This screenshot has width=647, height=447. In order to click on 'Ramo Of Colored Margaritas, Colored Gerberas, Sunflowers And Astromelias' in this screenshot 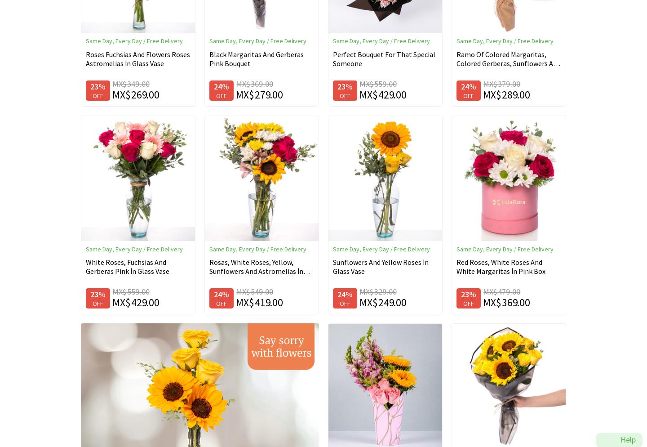, I will do `click(508, 63)`.